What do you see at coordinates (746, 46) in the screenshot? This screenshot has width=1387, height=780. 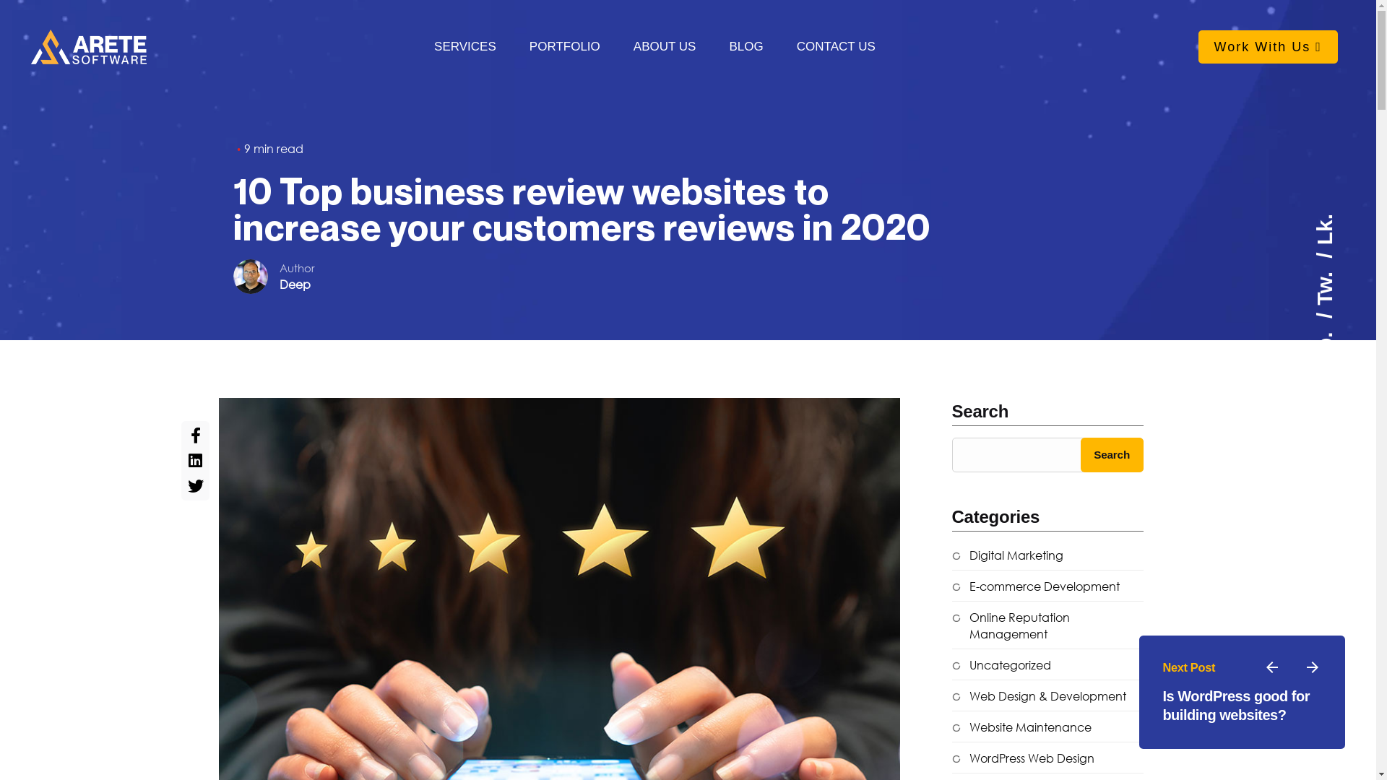 I see `'BLOG'` at bounding box center [746, 46].